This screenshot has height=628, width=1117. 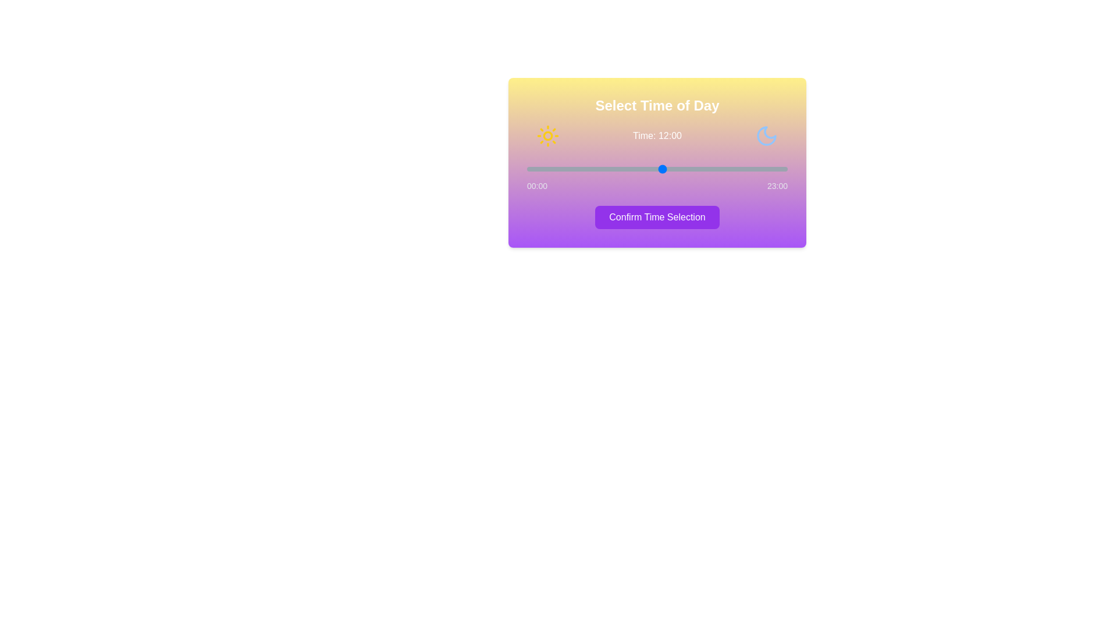 I want to click on the time slider to set the time to 16, so click(x=707, y=169).